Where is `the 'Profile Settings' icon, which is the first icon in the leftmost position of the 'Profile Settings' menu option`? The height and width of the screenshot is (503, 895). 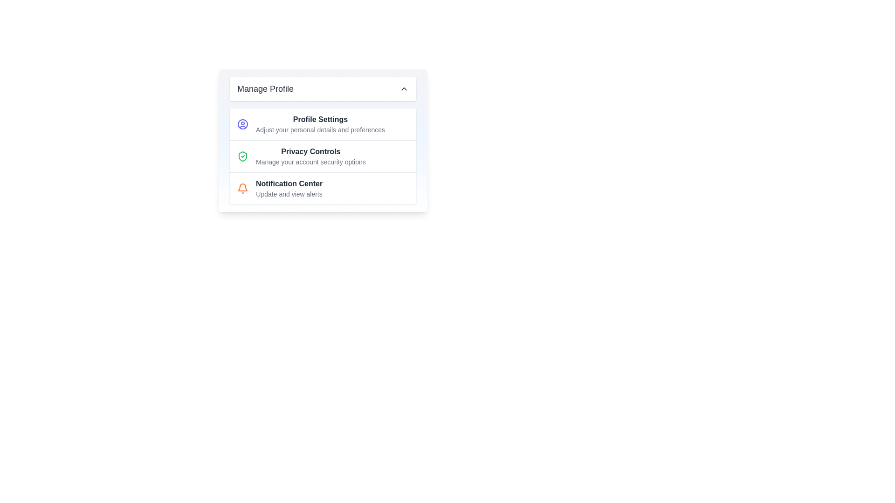
the 'Profile Settings' icon, which is the first icon in the leftmost position of the 'Profile Settings' menu option is located at coordinates (243, 123).